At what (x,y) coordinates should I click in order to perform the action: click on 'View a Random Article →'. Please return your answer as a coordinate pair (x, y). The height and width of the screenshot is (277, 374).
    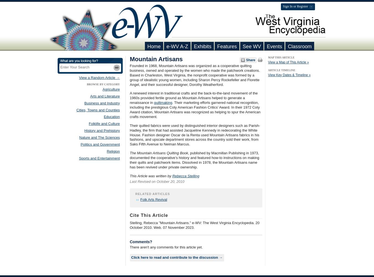
    Looking at the image, I should click on (99, 78).